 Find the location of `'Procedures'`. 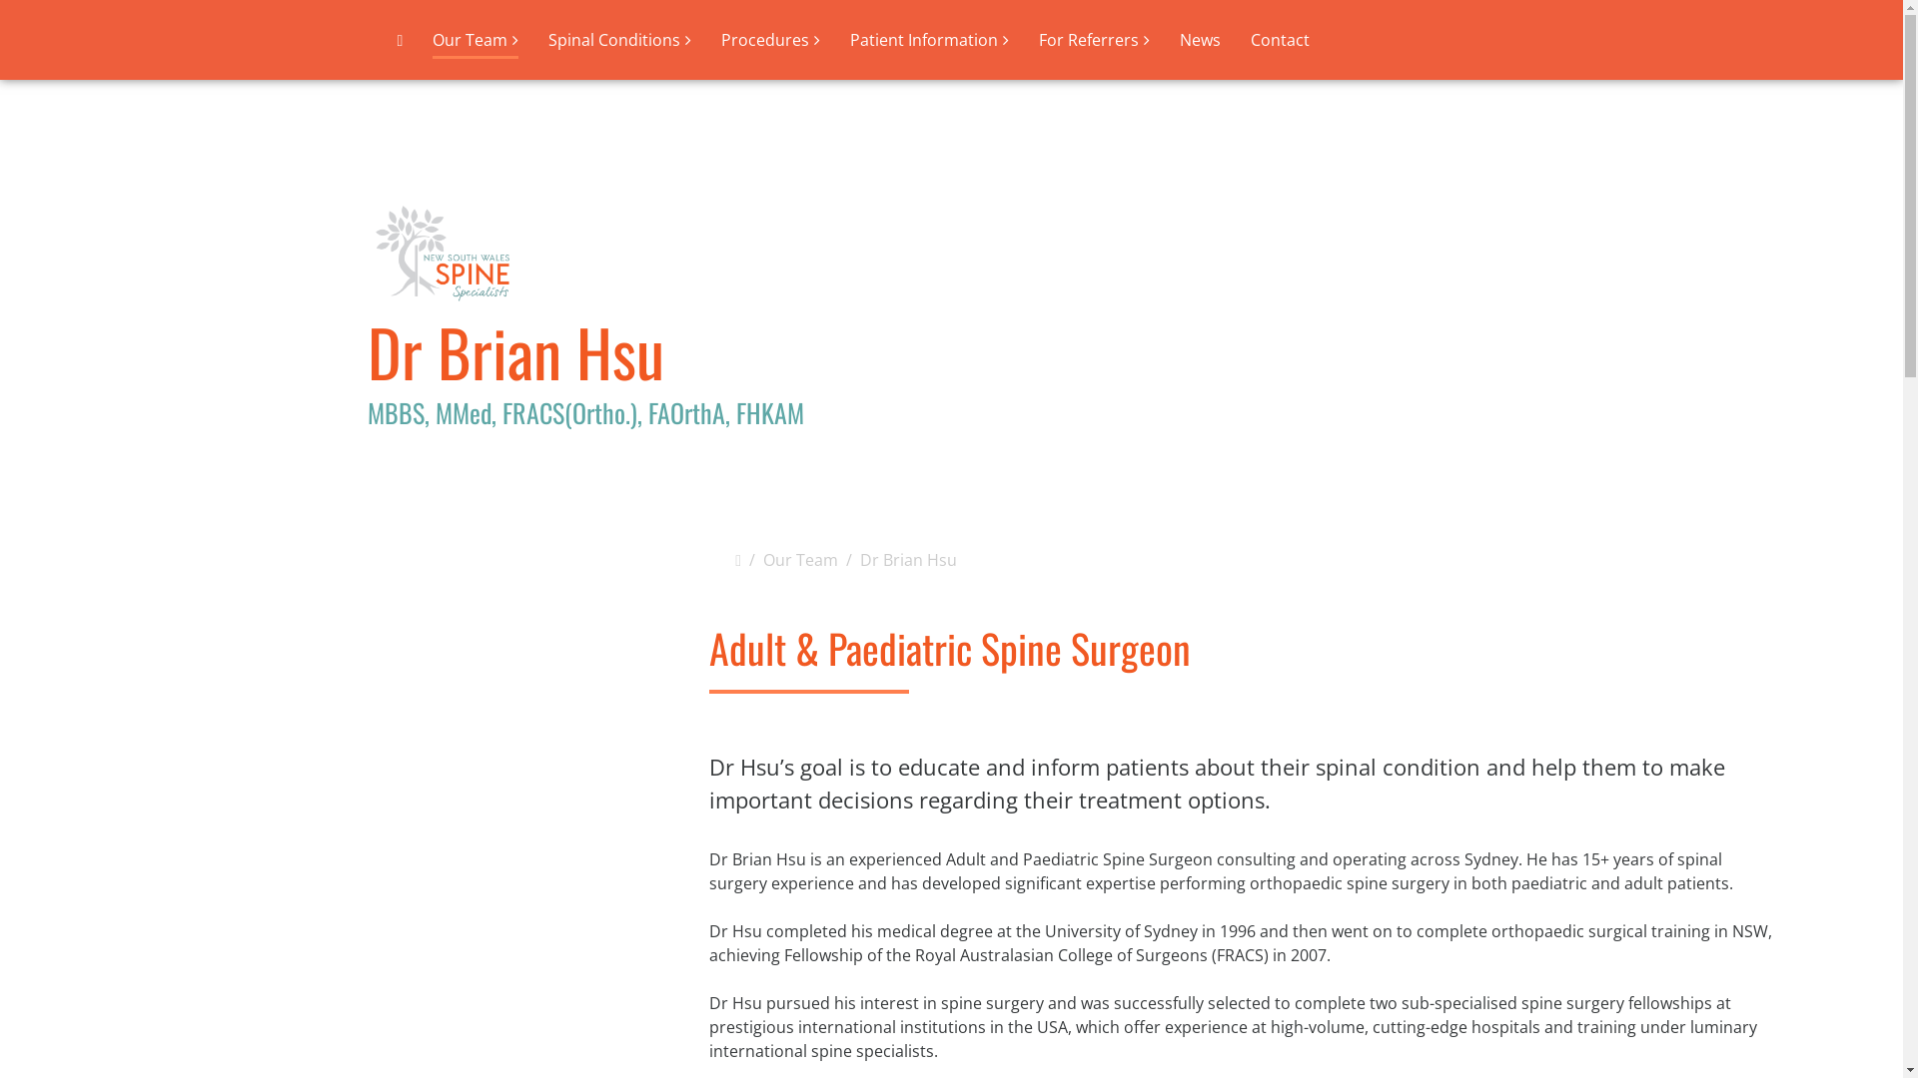

'Procedures' is located at coordinates (769, 39).